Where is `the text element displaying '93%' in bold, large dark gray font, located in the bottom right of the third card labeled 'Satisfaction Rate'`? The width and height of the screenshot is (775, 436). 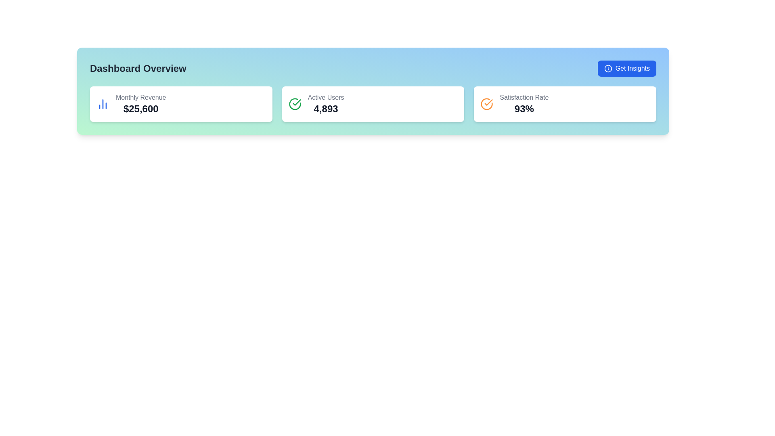
the text element displaying '93%' in bold, large dark gray font, located in the bottom right of the third card labeled 'Satisfaction Rate' is located at coordinates (524, 109).